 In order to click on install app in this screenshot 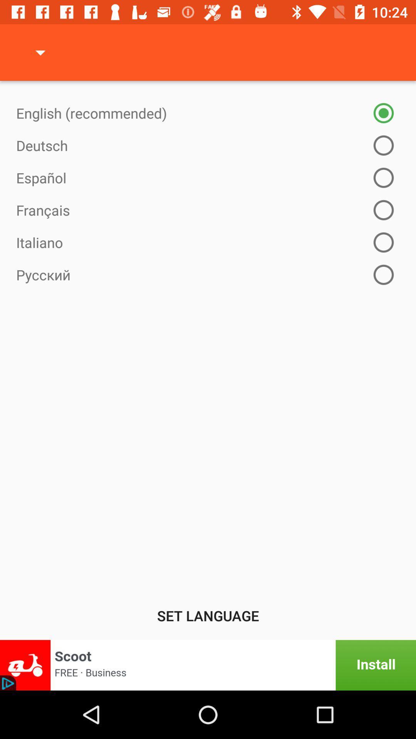, I will do `click(208, 665)`.